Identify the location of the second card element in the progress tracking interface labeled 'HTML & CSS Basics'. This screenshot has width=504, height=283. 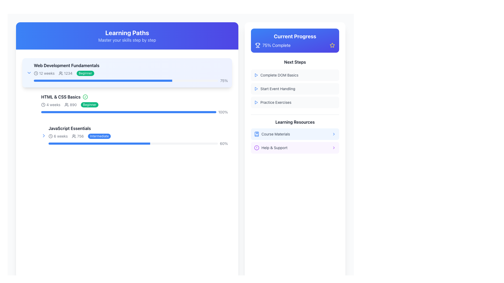
(134, 104).